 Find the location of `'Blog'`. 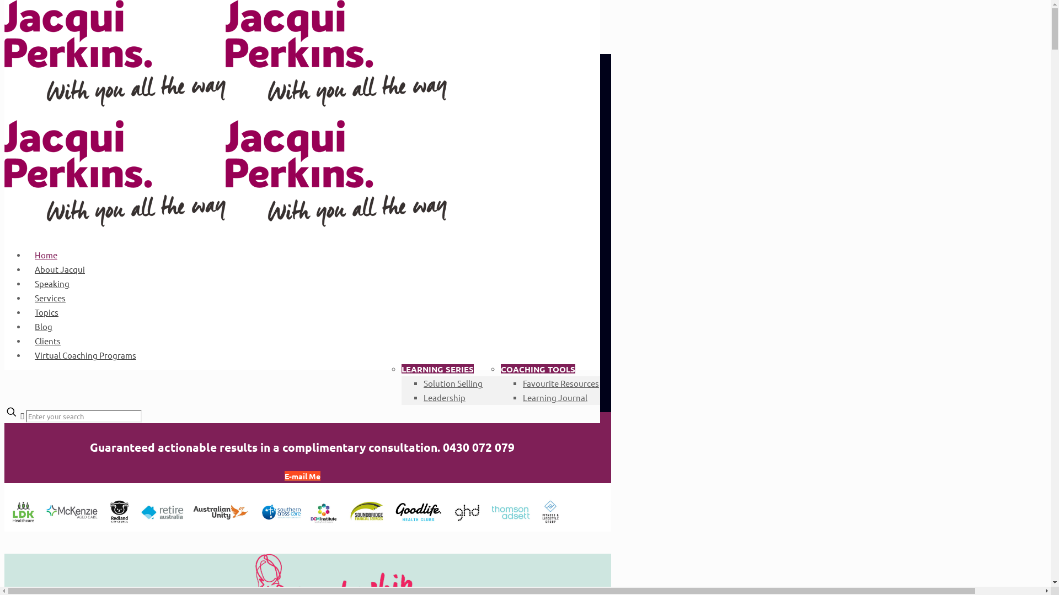

'Blog' is located at coordinates (43, 326).